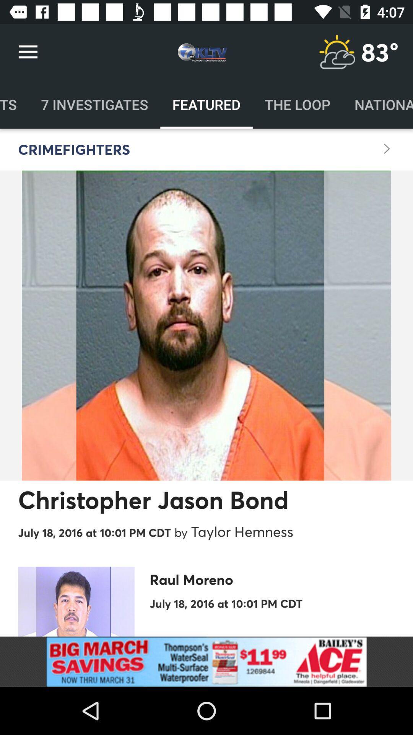 The height and width of the screenshot is (735, 413). I want to click on for advertisement, so click(206, 661).